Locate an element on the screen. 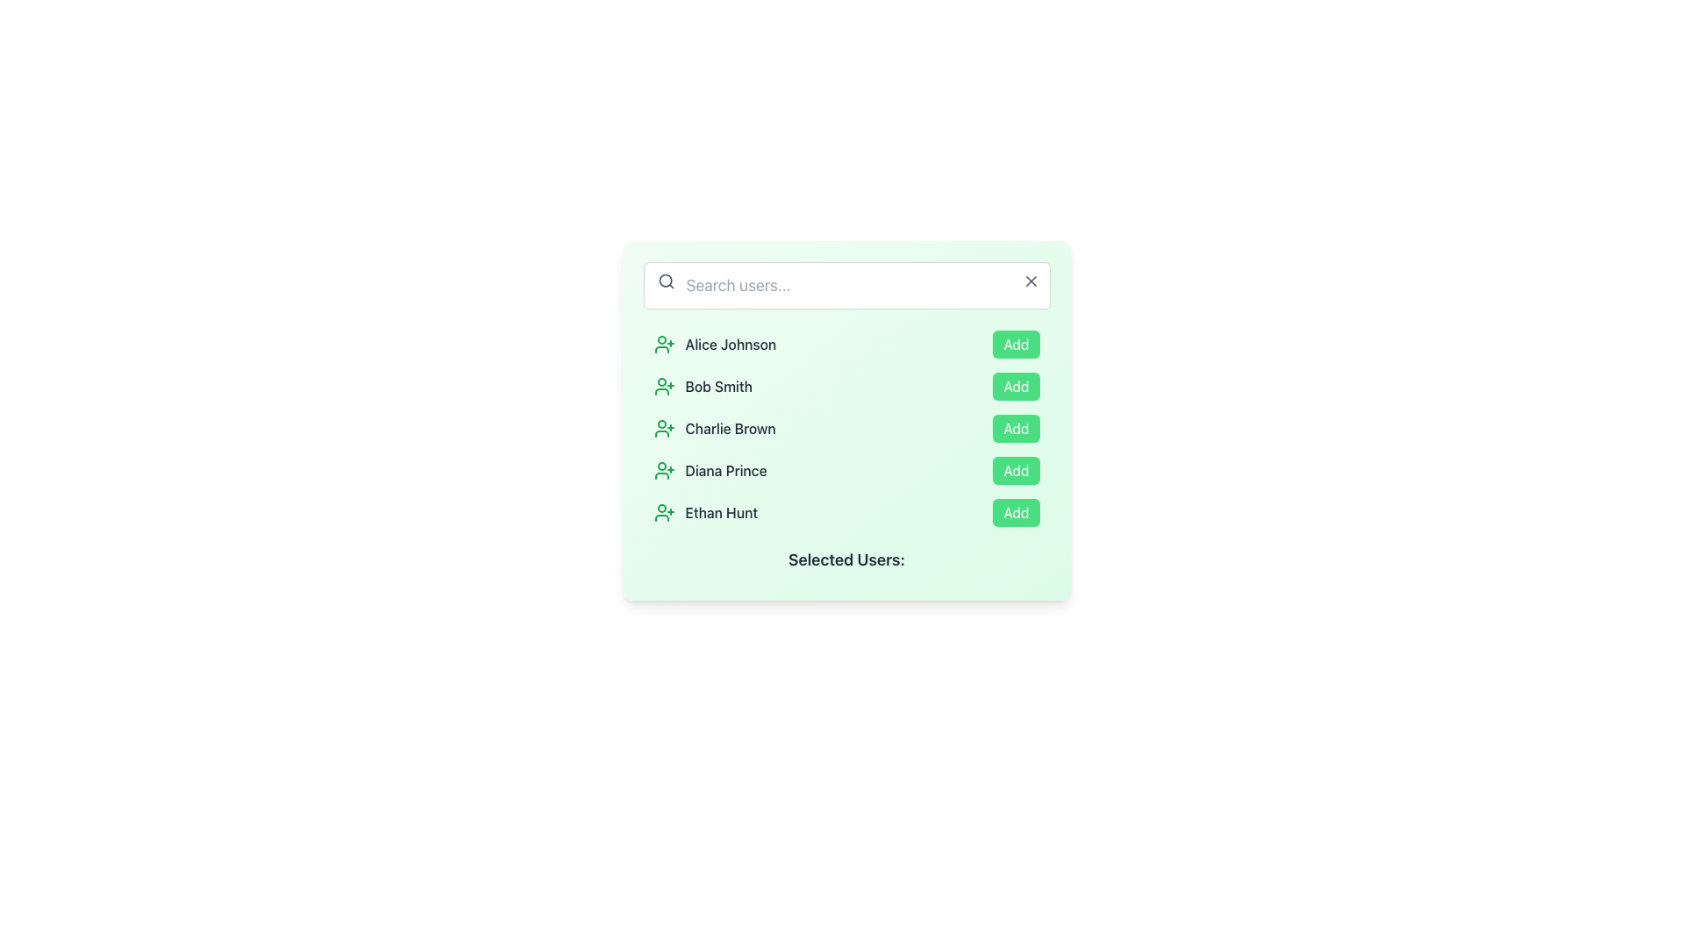  the user icon representing 'Ethan Hunt' located at the leftmost side of the user selection list is located at coordinates (663, 513).